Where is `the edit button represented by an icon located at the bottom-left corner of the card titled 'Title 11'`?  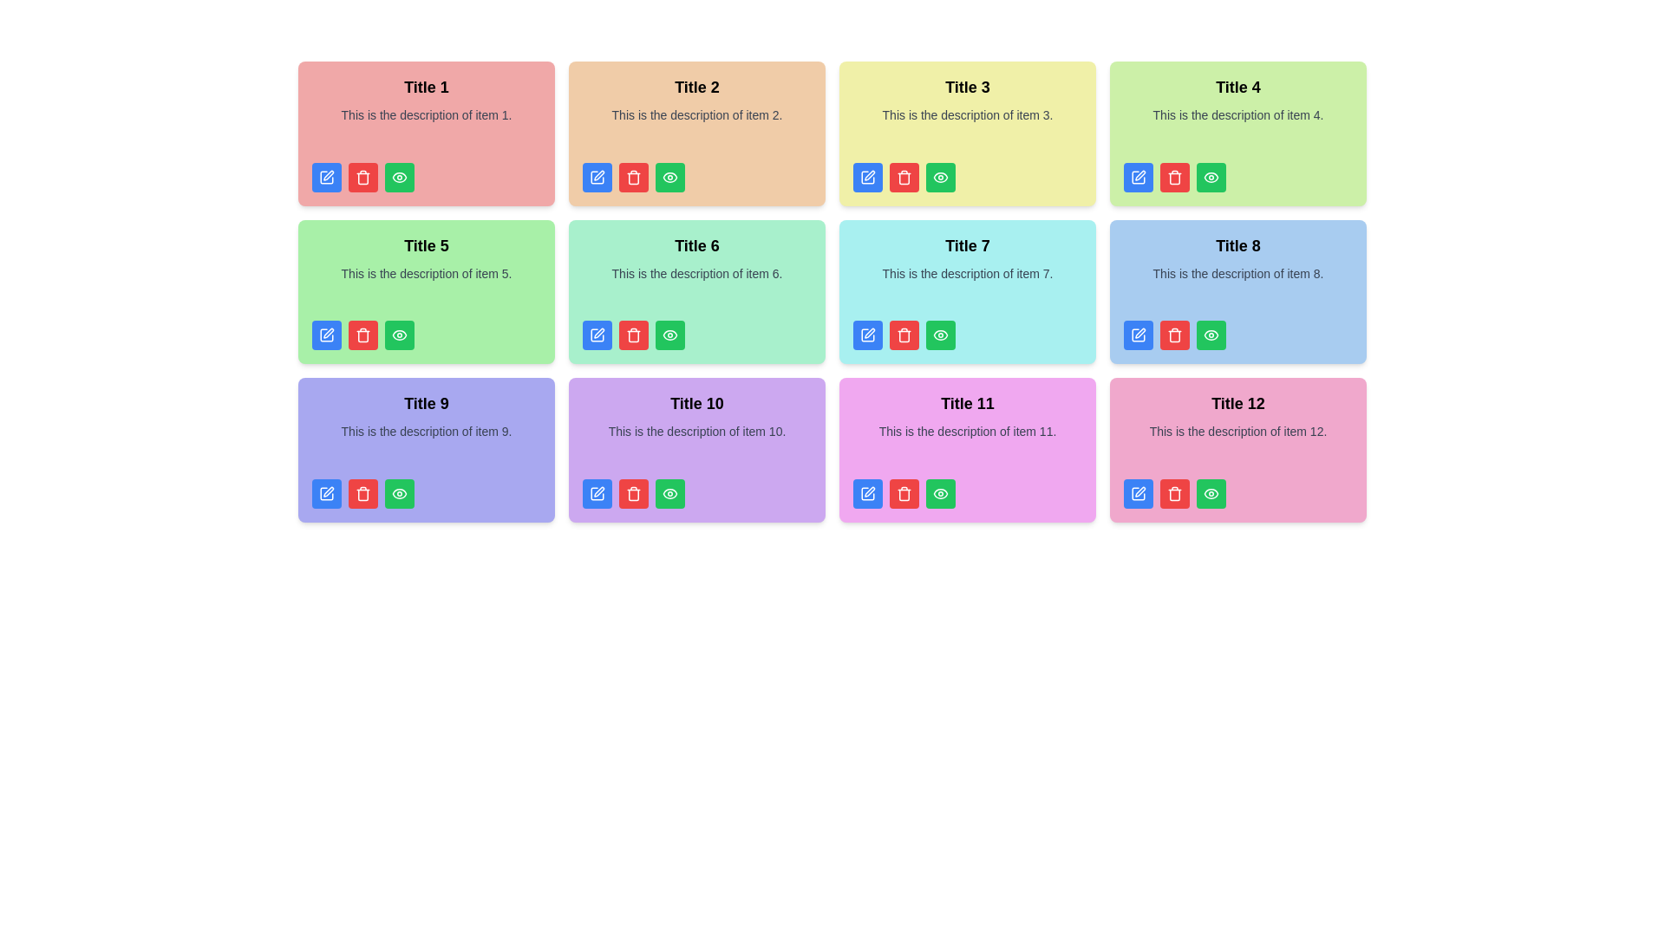 the edit button represented by an icon located at the bottom-left corner of the card titled 'Title 11' is located at coordinates (868, 493).